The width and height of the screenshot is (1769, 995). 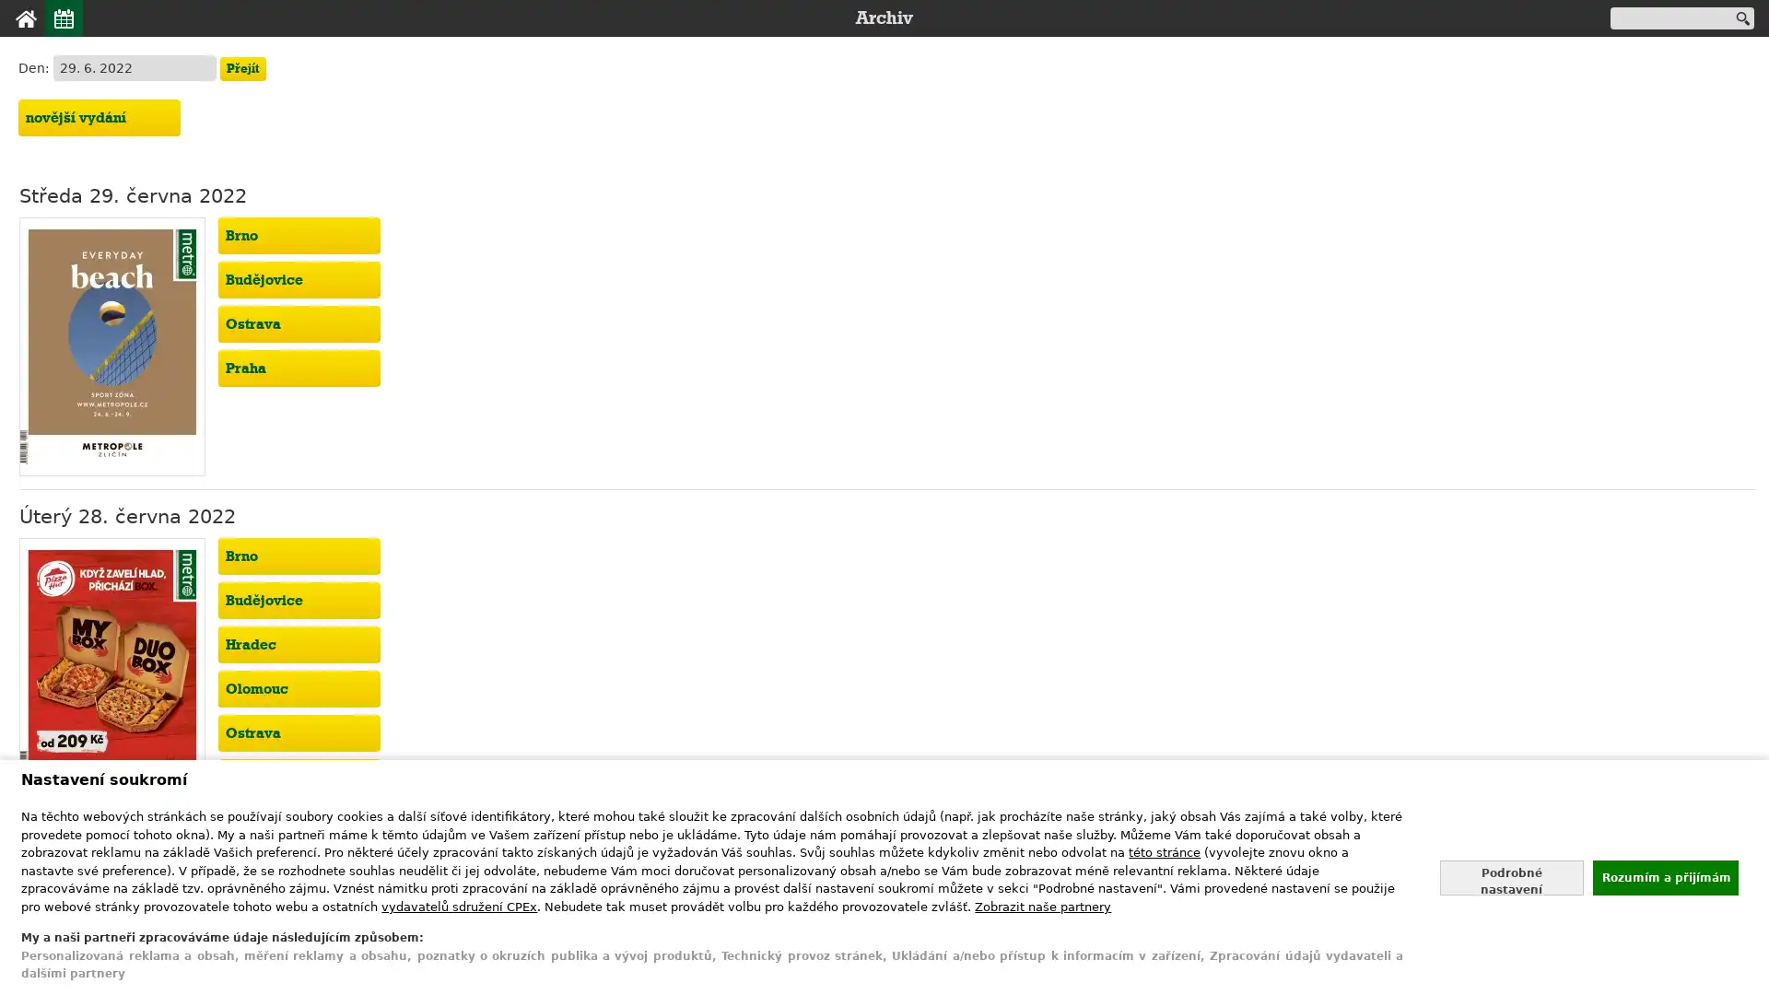 I want to click on Zobrazit nase partnery, so click(x=1043, y=905).